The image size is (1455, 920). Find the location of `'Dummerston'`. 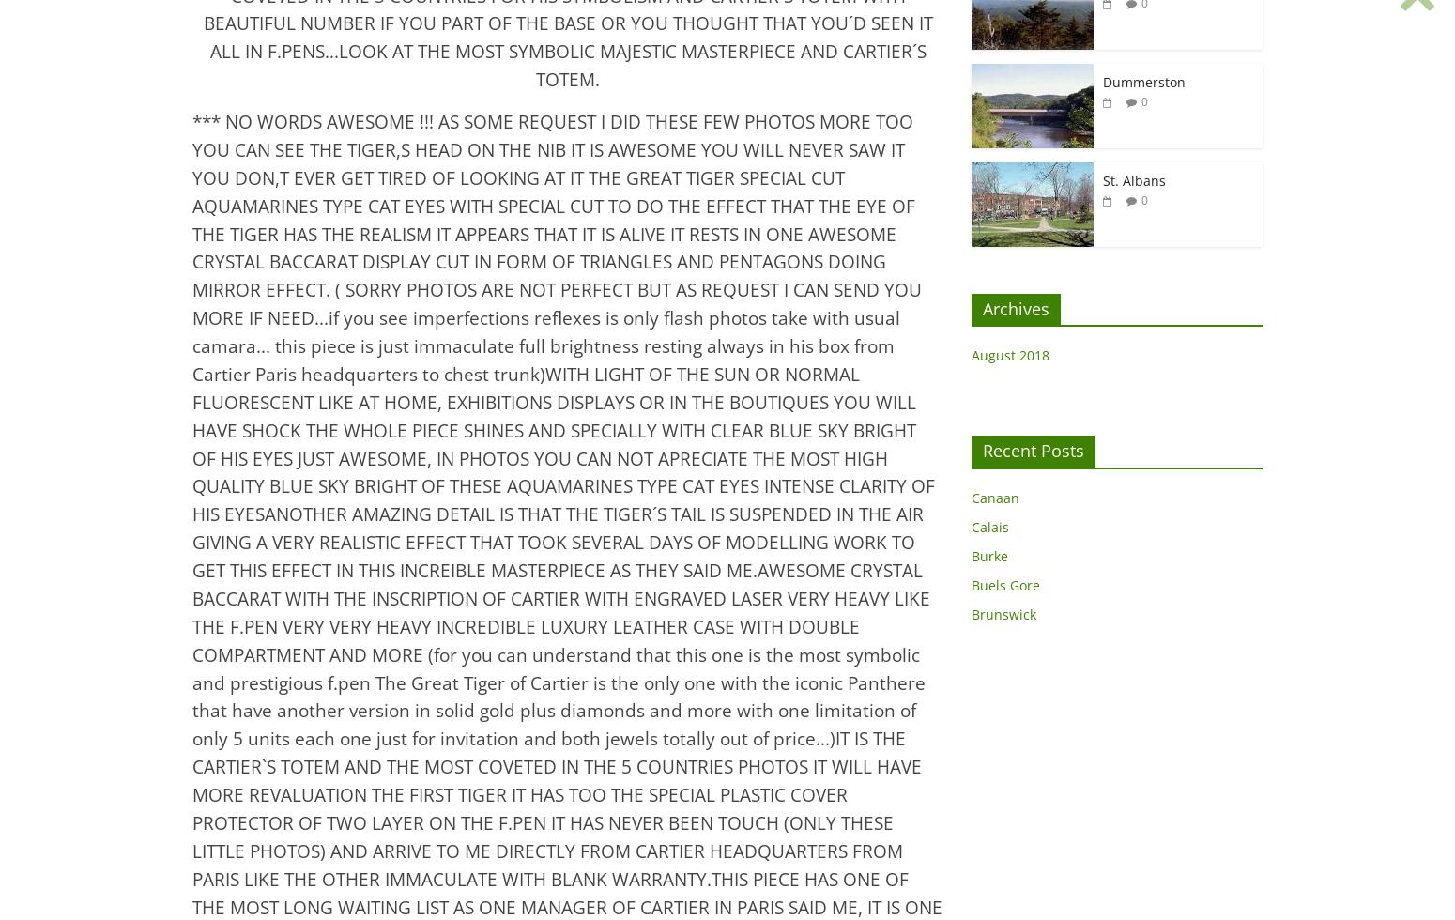

'Dummerston' is located at coordinates (1144, 81).